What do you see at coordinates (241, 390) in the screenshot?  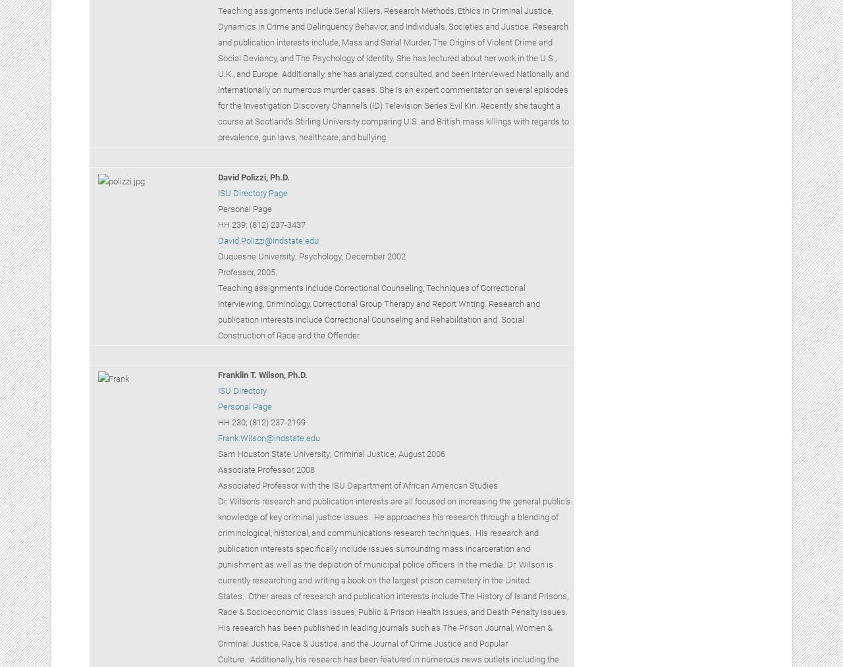 I see `'ISU Directory'` at bounding box center [241, 390].